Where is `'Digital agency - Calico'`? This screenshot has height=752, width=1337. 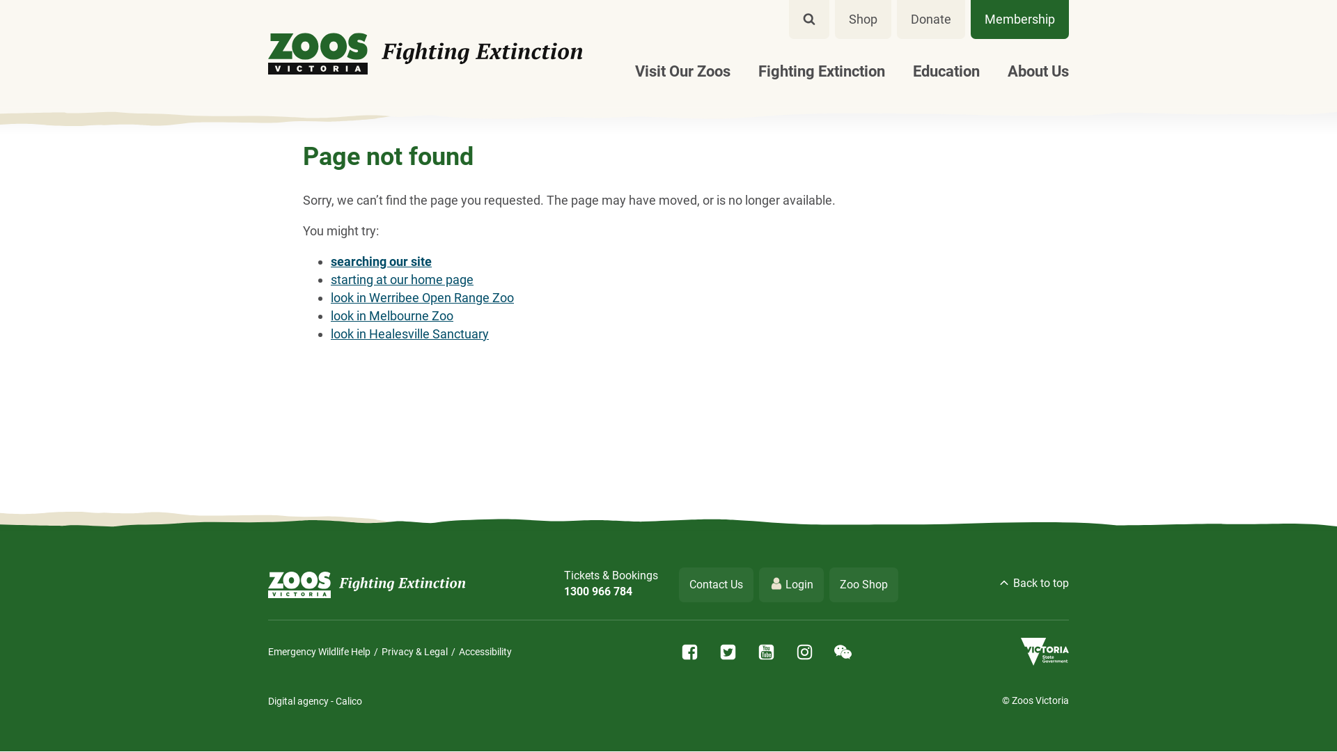
'Digital agency - Calico' is located at coordinates (314, 700).